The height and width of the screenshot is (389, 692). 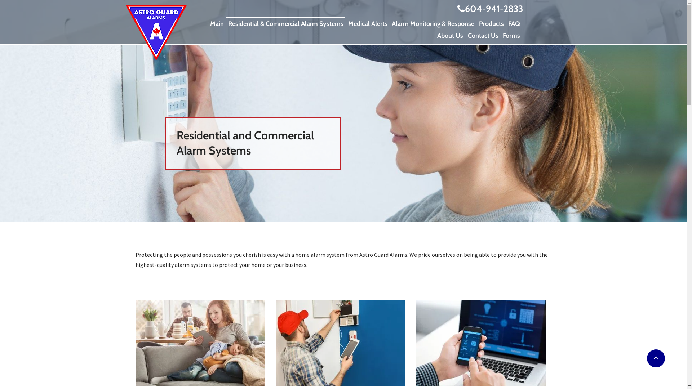 I want to click on 'Medical Alerts', so click(x=367, y=22).